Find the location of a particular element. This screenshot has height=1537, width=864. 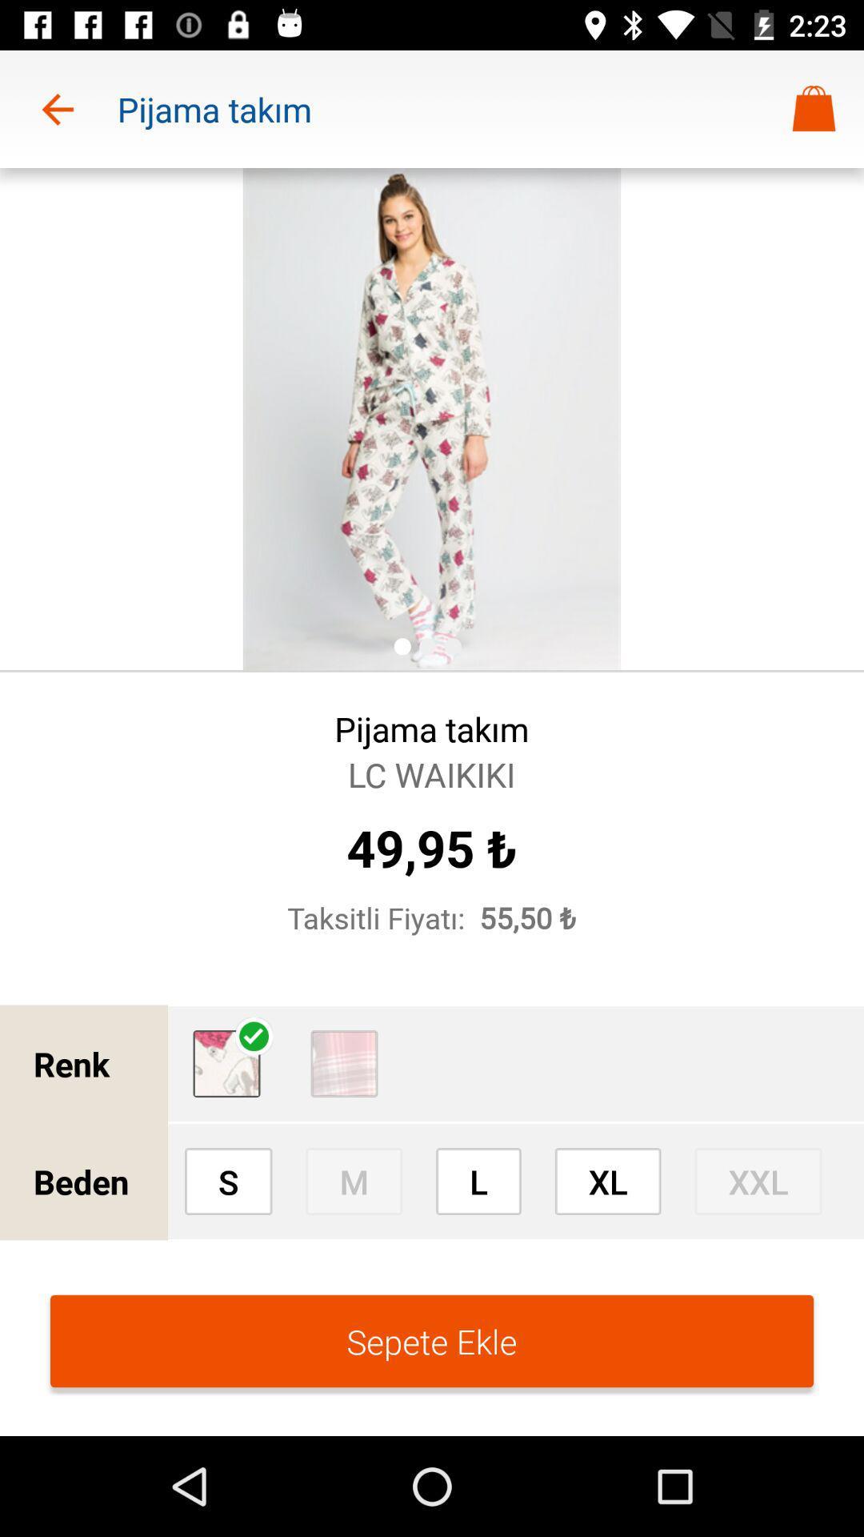

item to the right of m item is located at coordinates (478, 1181).